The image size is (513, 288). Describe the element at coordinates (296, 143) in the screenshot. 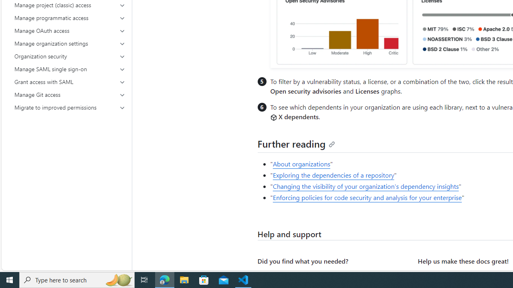

I see `'Further reading'` at that location.